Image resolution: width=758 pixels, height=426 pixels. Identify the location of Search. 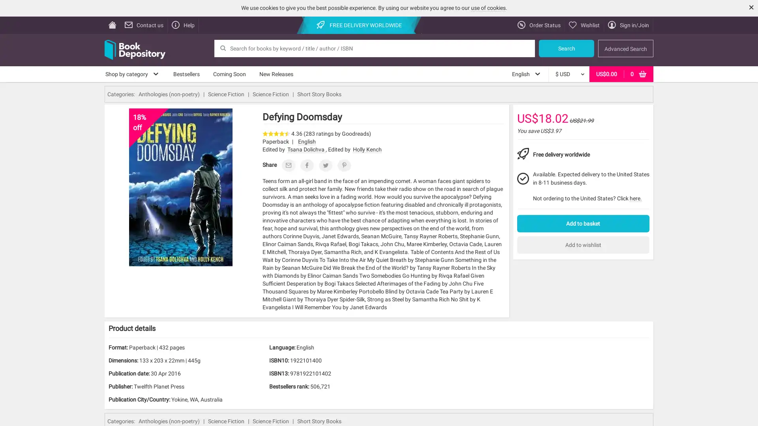
(566, 48).